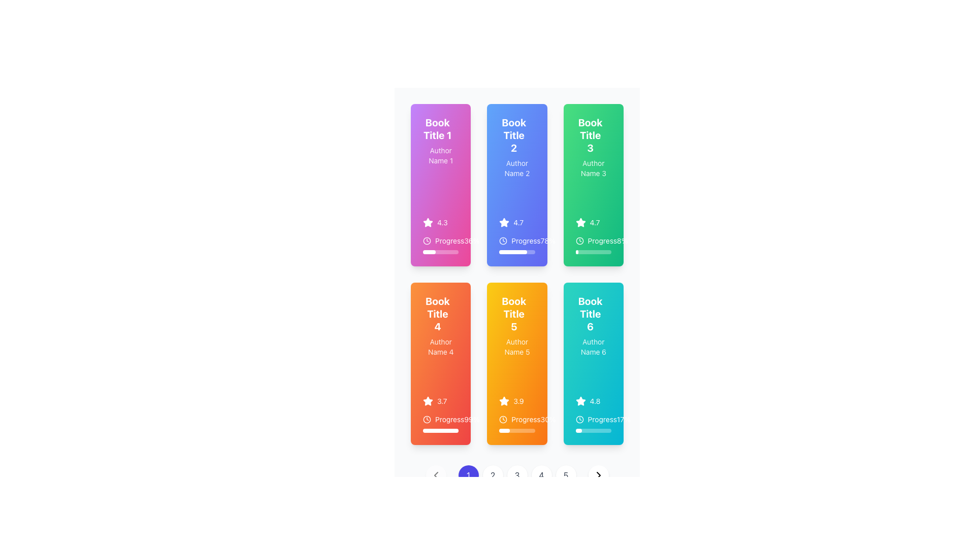 Image resolution: width=975 pixels, height=548 pixels. I want to click on the text label displaying '3.9' located near the star icon in the bottom section of the card labeled 'Book Title 5', so click(518, 400).